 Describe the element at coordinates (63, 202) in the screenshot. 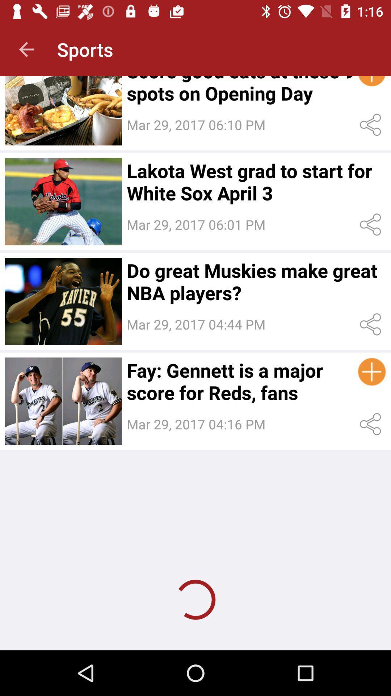

I see `selected article` at that location.